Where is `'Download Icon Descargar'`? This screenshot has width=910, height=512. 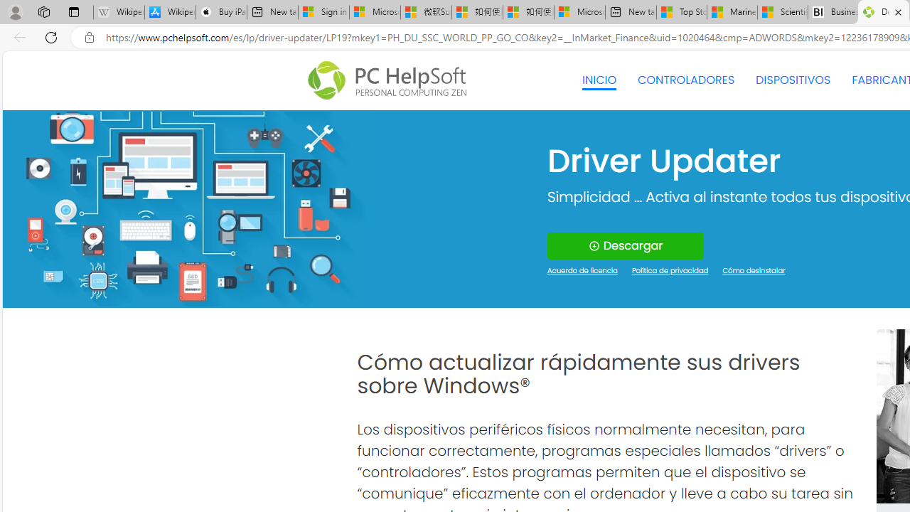
'Download Icon Descargar' is located at coordinates (626, 245).